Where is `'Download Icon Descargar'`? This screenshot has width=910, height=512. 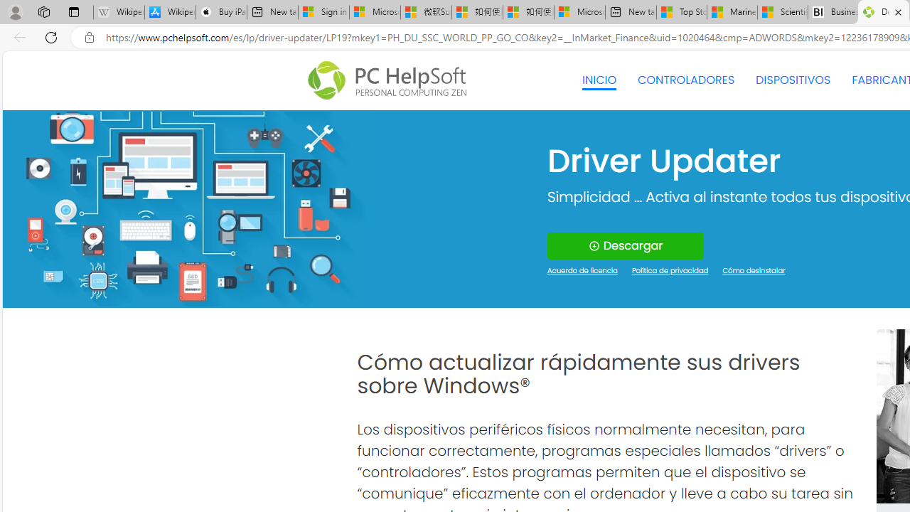
'Download Icon Descargar' is located at coordinates (626, 245).